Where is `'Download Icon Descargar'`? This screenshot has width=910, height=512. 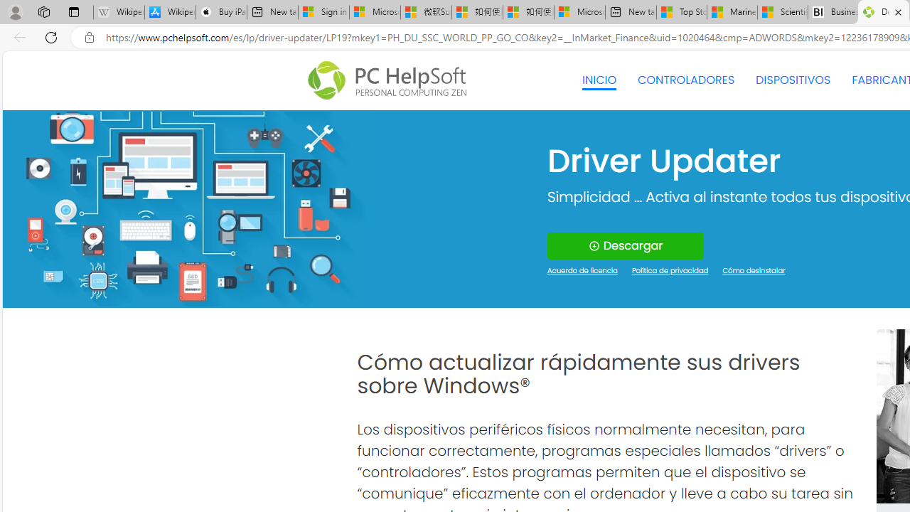
'Download Icon Descargar' is located at coordinates (626, 245).